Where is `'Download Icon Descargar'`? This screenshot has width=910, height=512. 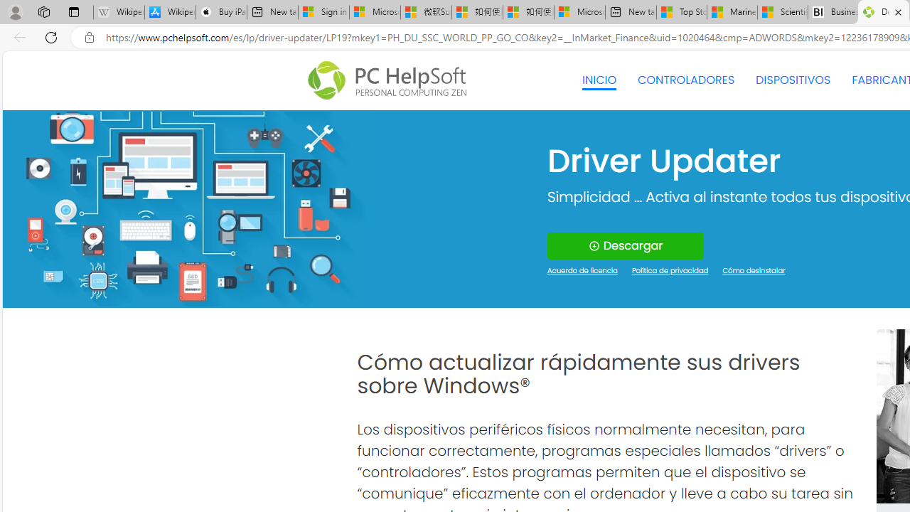
'Download Icon Descargar' is located at coordinates (626, 245).